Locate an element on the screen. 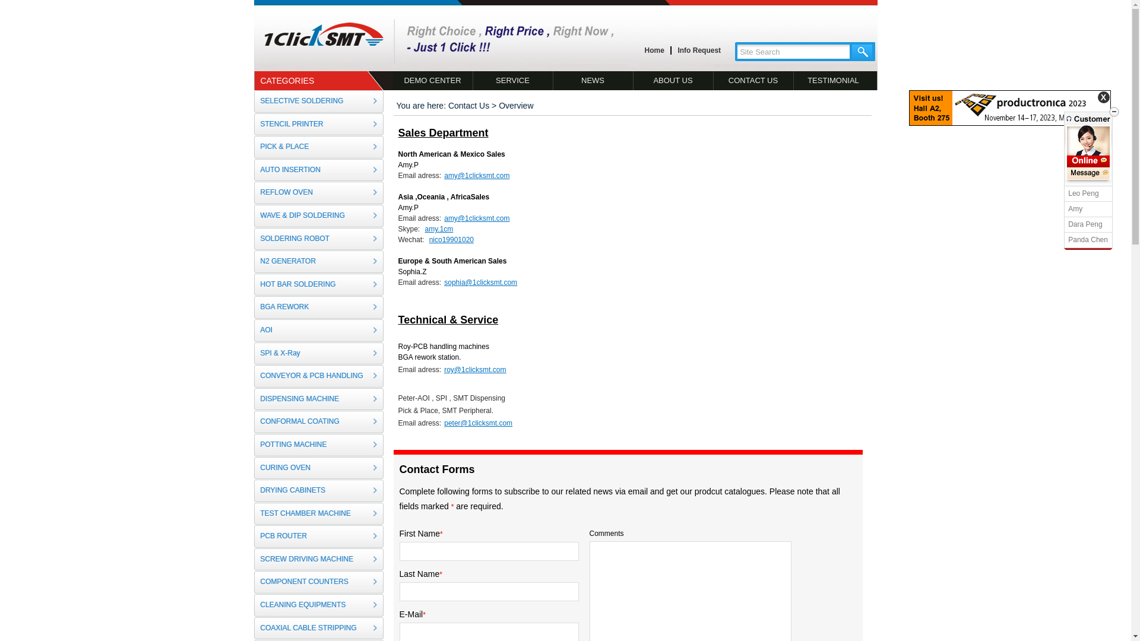  'SOLDERING ROBOT' is located at coordinates (319, 239).